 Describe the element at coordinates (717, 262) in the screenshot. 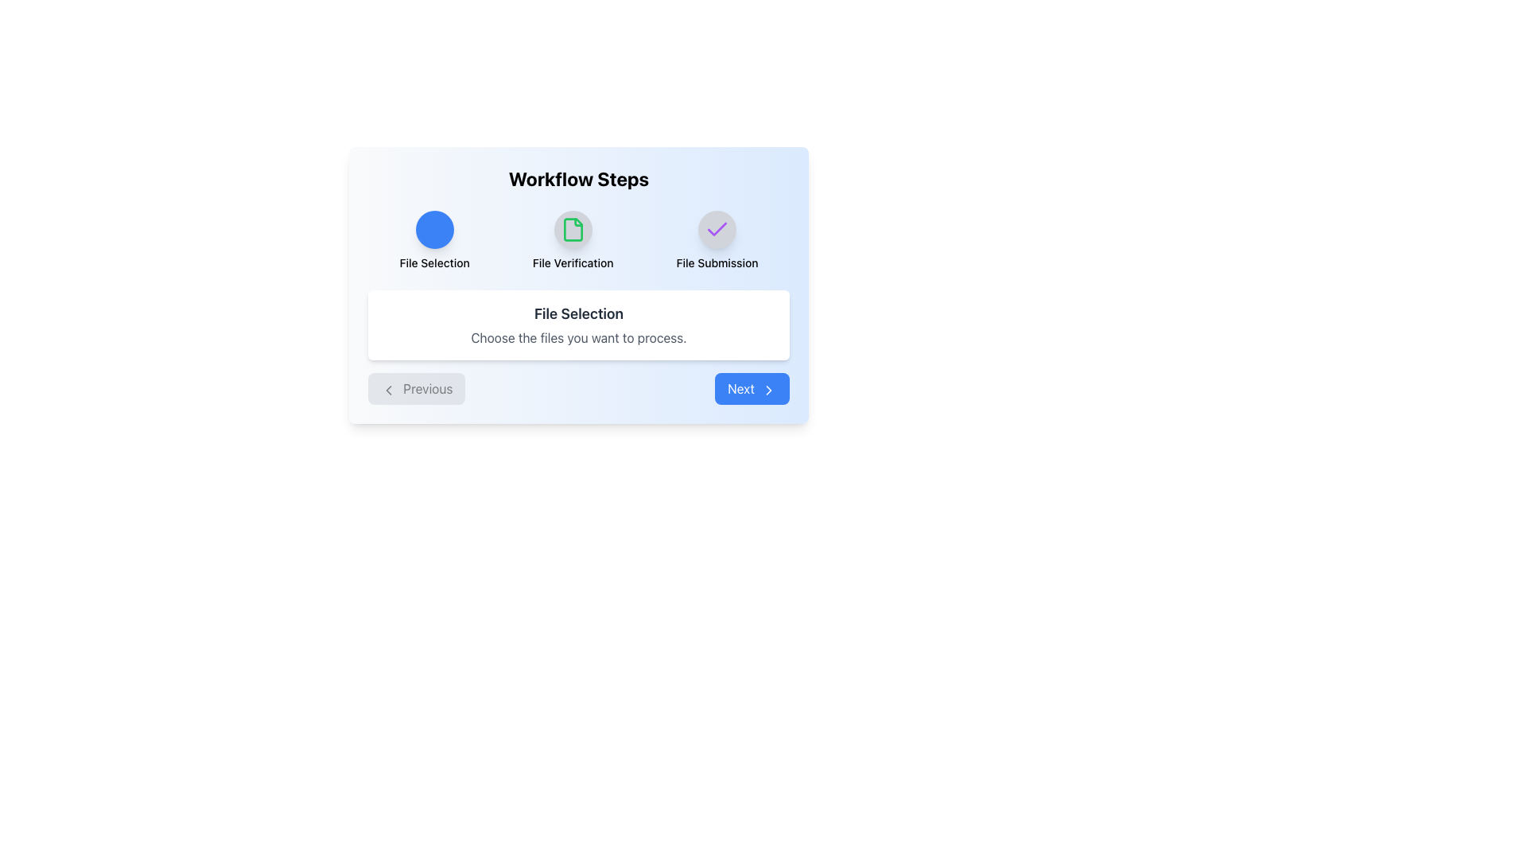

I see `the text label indicating 'File Submission', which is the third stage in the workflow, located centrally below a circular checkmark icon` at that location.